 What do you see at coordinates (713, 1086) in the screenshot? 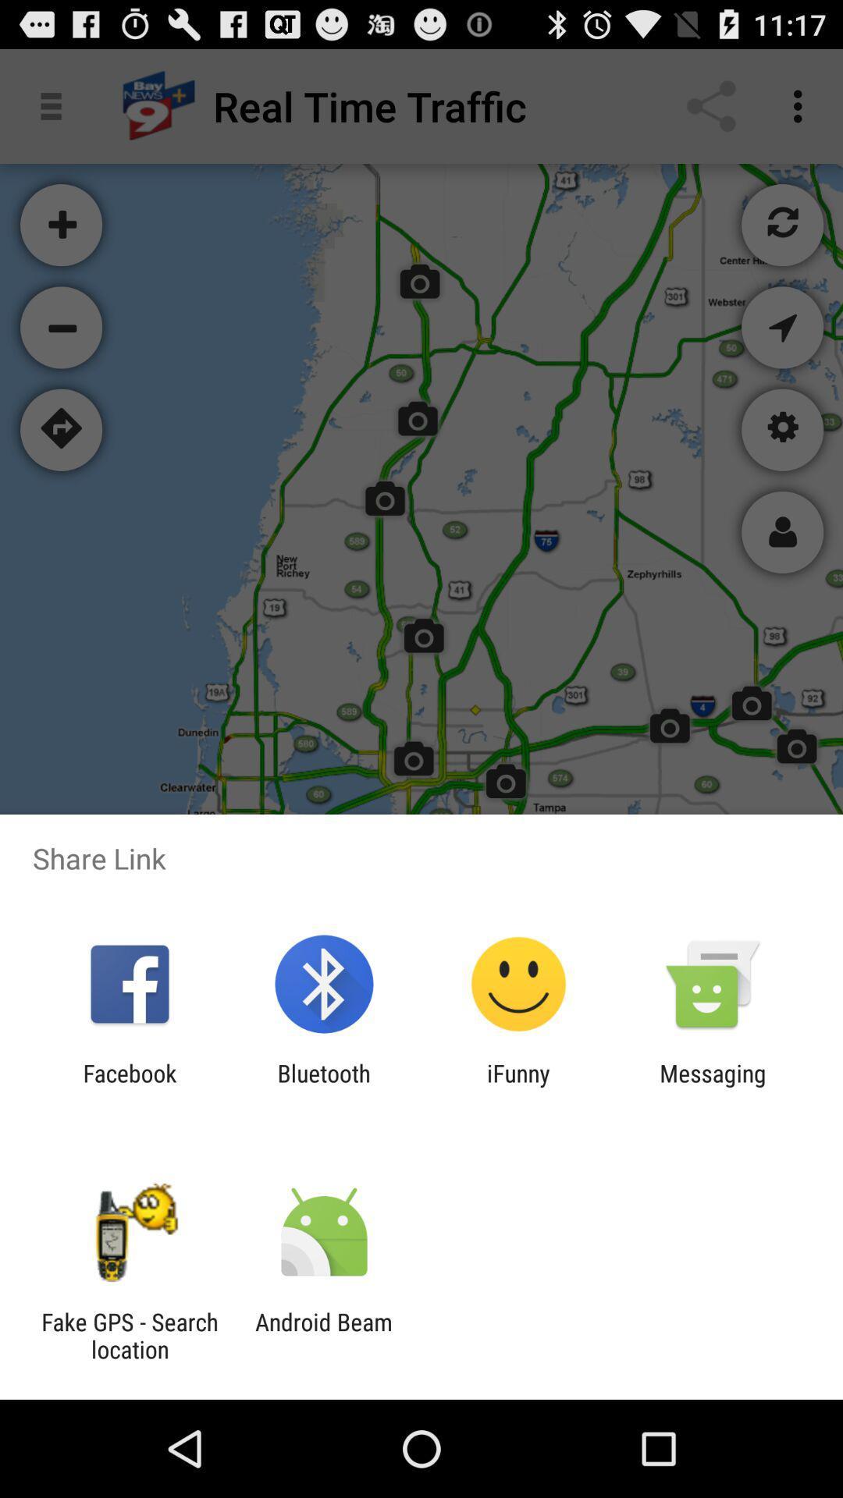
I see `the icon to the right of the ifunny` at bounding box center [713, 1086].